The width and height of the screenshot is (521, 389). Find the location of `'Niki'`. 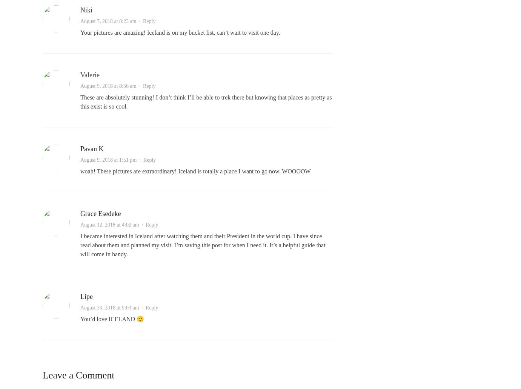

'Niki' is located at coordinates (86, 10).